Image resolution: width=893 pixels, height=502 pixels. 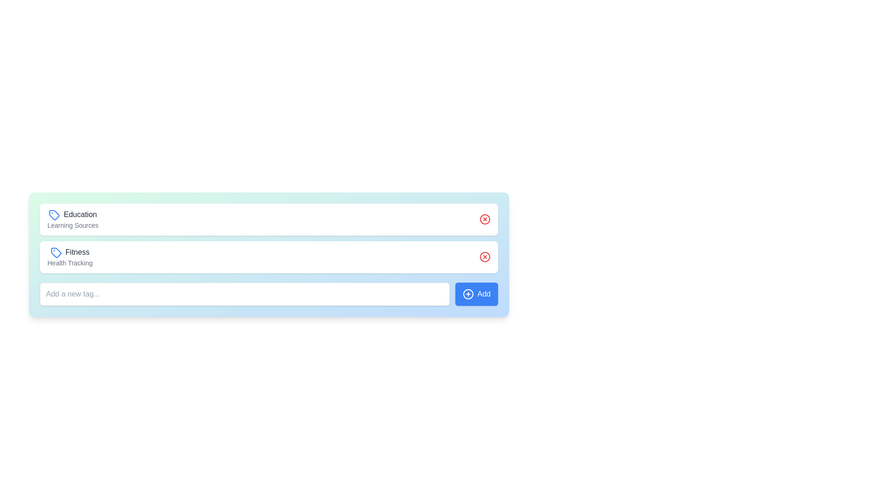 What do you see at coordinates (77, 252) in the screenshot?
I see `the text label displaying 'Fitness', which is located in the second row of the interface section, to the right of the blue tag icon and above the label 'Health Tracking'` at bounding box center [77, 252].